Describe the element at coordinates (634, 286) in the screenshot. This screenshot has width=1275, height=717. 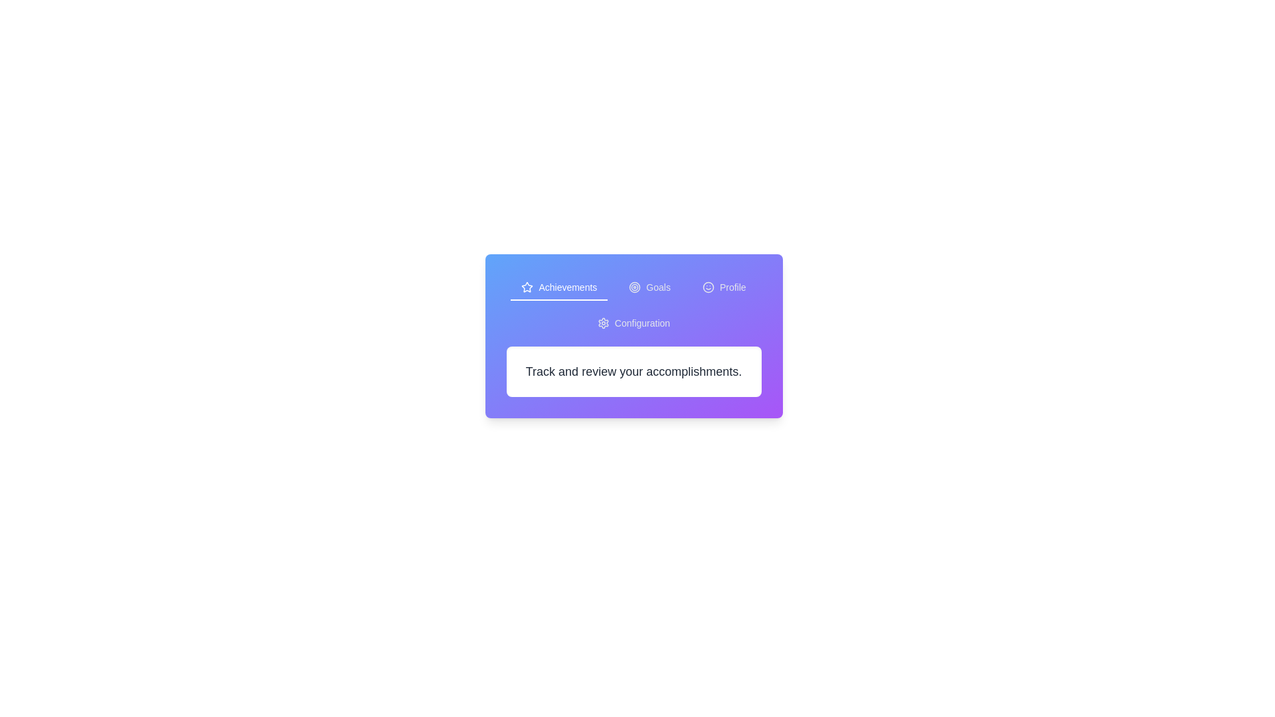
I see `the icon associated with the Goals tab to verify its functionality` at that location.